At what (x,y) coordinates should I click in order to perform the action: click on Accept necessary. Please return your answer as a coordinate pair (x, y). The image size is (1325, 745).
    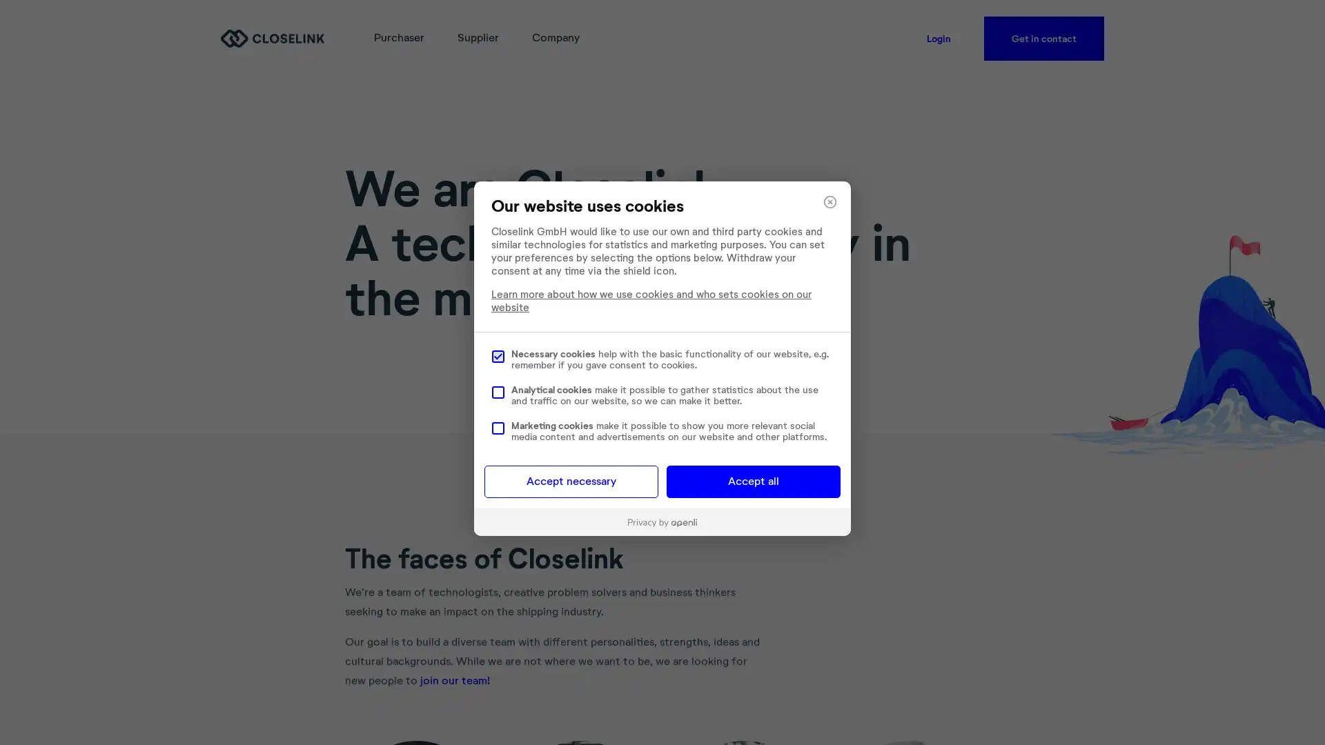
    Looking at the image, I should click on (571, 481).